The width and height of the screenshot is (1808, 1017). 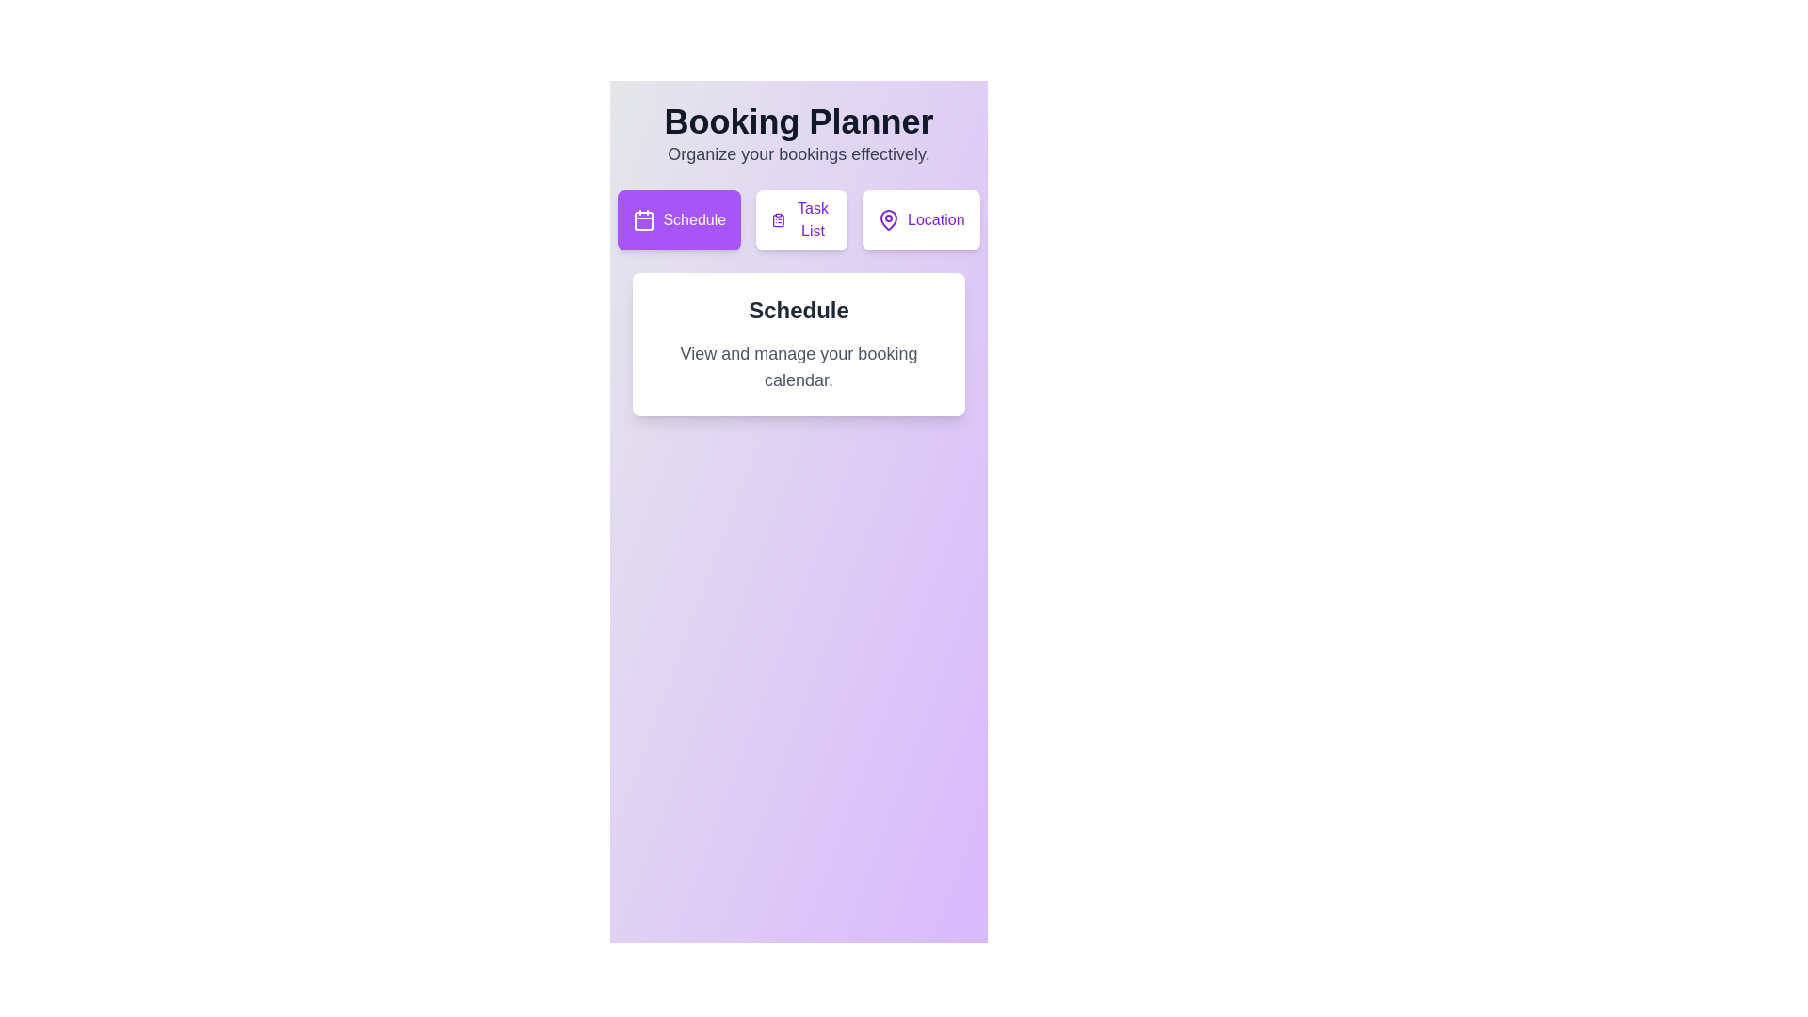 I want to click on the Location tab by clicking its navigation button, so click(x=921, y=219).